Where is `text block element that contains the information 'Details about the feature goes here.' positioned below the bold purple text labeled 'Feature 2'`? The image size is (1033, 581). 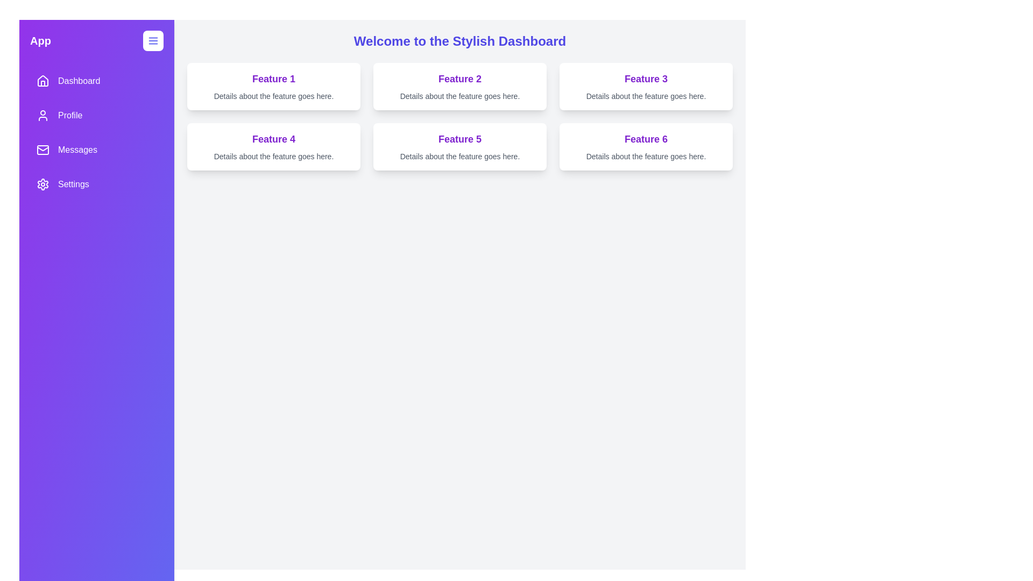
text block element that contains the information 'Details about the feature goes here.' positioned below the bold purple text labeled 'Feature 2' is located at coordinates (459, 95).